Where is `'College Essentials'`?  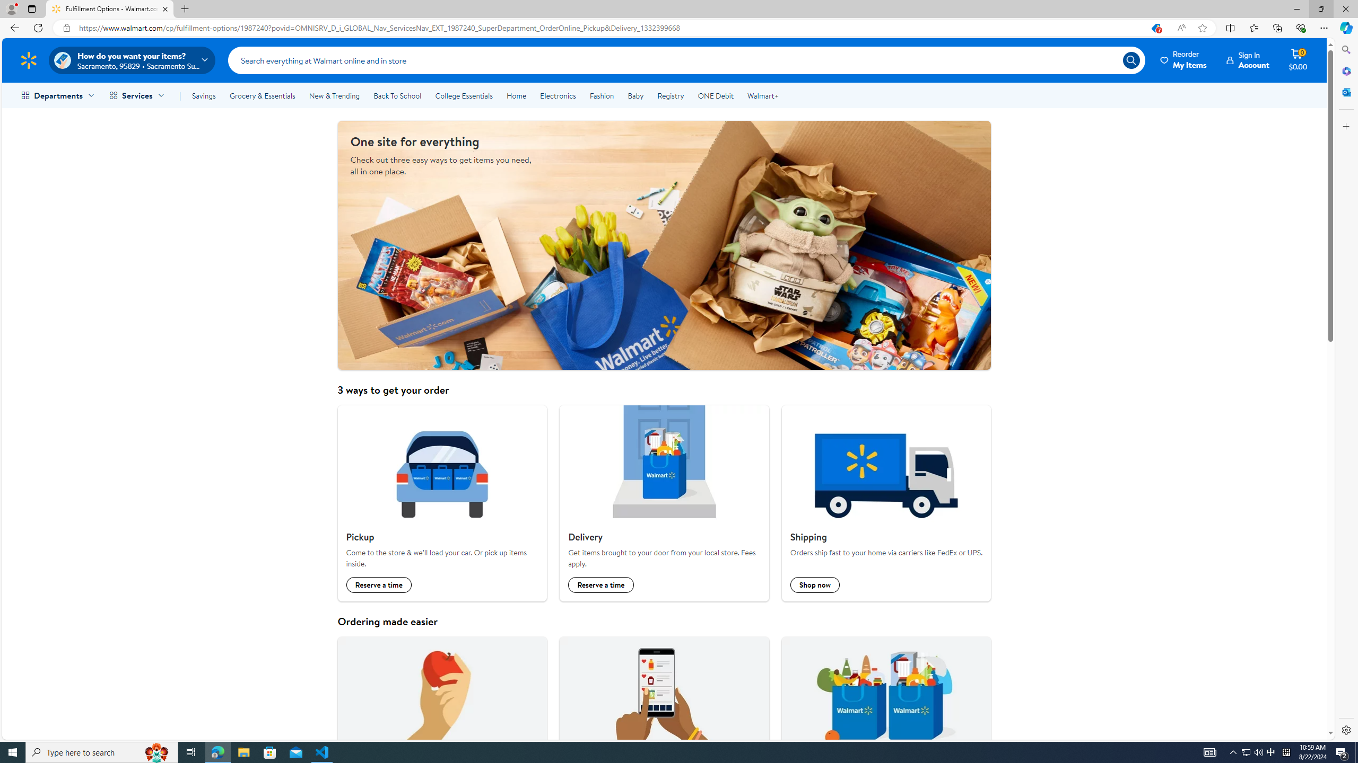
'College Essentials' is located at coordinates (463, 95).